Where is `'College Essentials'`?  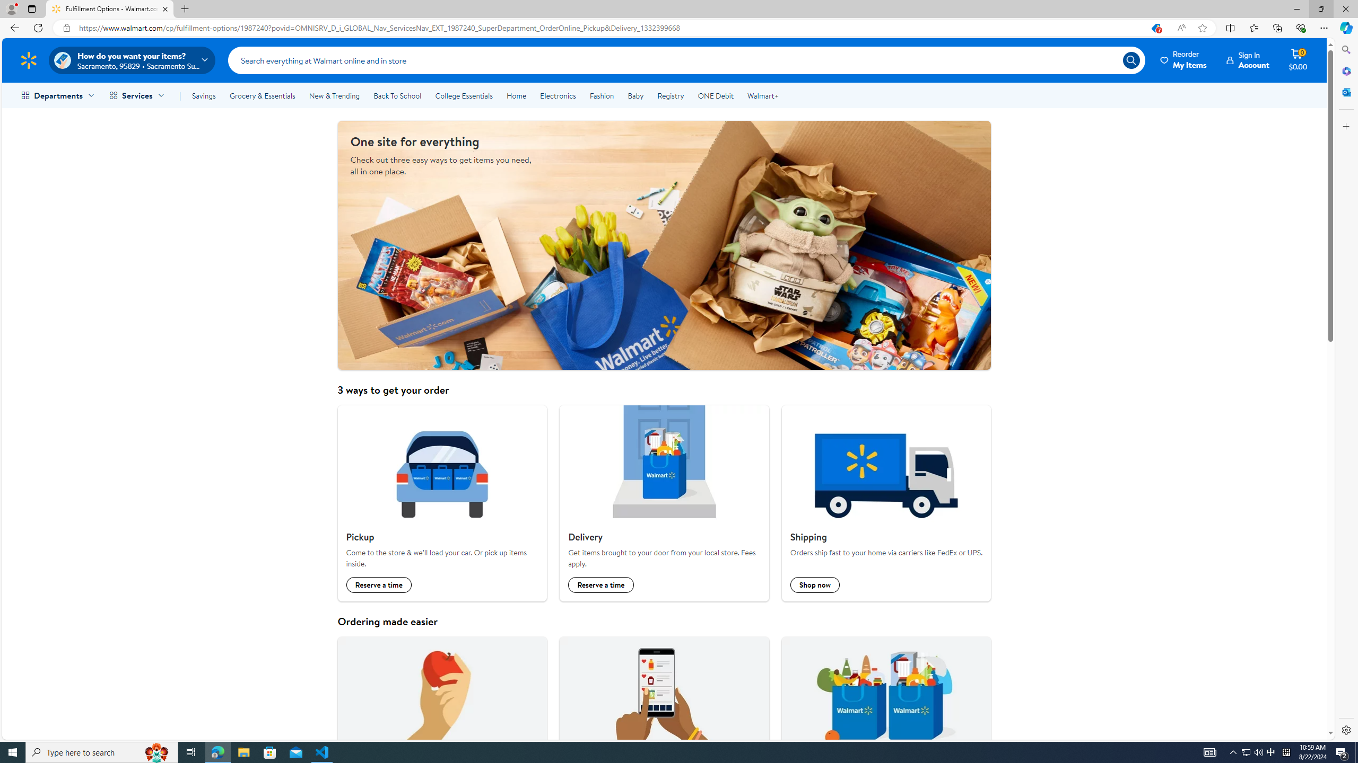
'College Essentials' is located at coordinates (463, 95).